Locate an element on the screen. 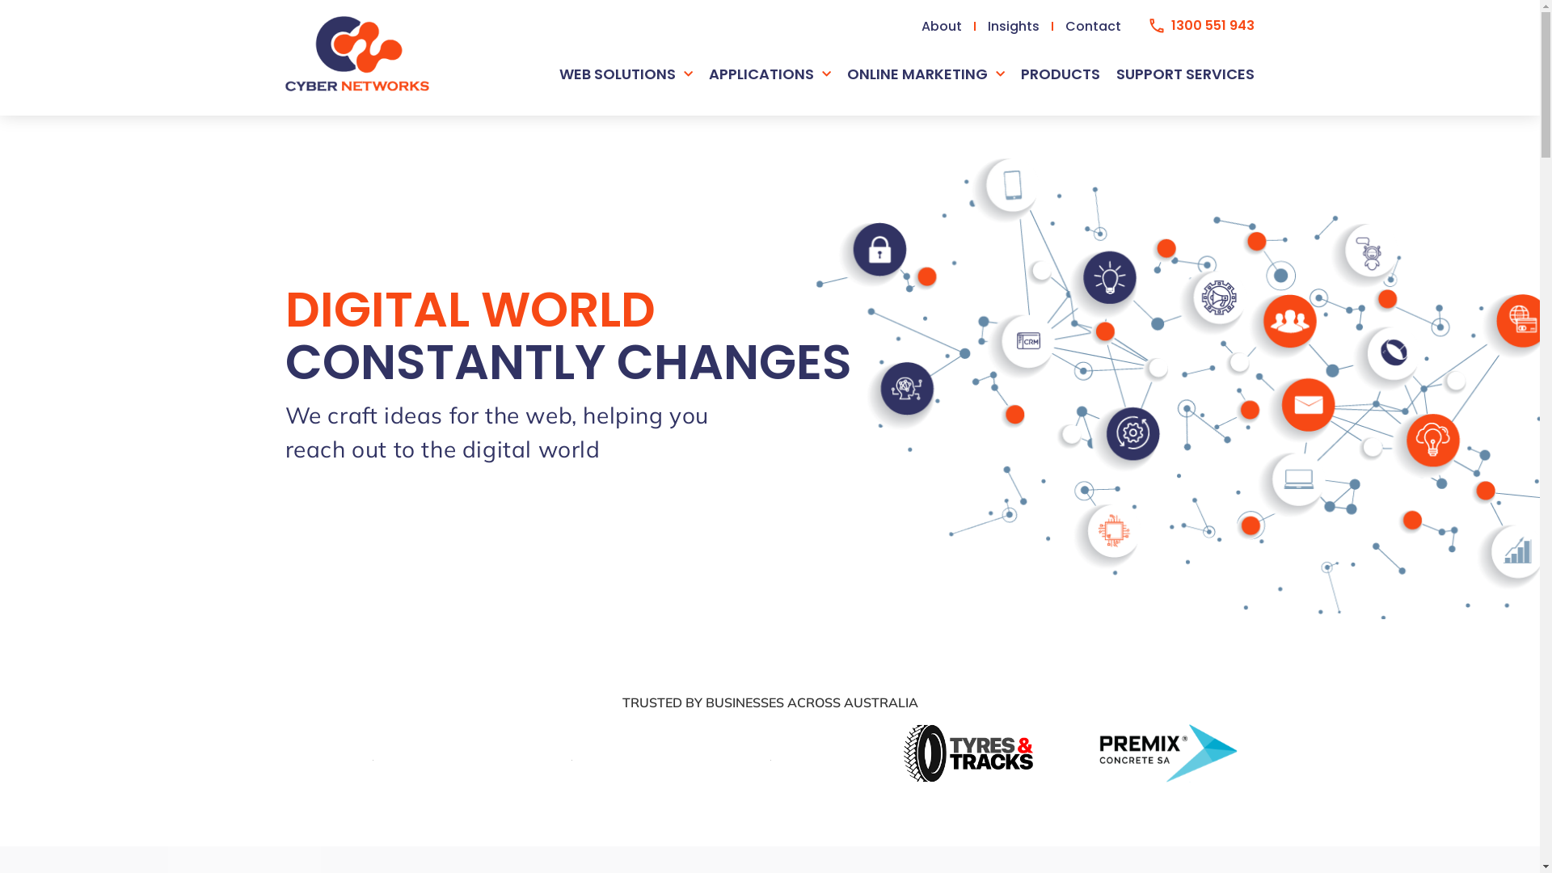 The image size is (1552, 873). 'SUPPORT SERVICES' is located at coordinates (1185, 74).